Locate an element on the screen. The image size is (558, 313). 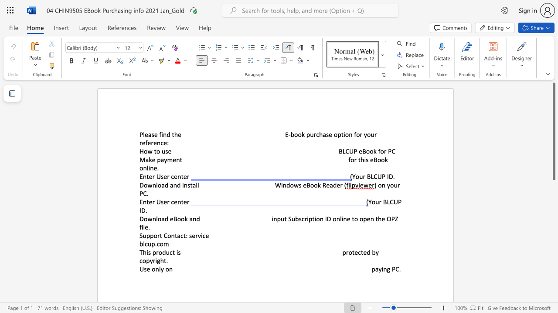
the 2th character "n" in the text is located at coordinates (171, 269).